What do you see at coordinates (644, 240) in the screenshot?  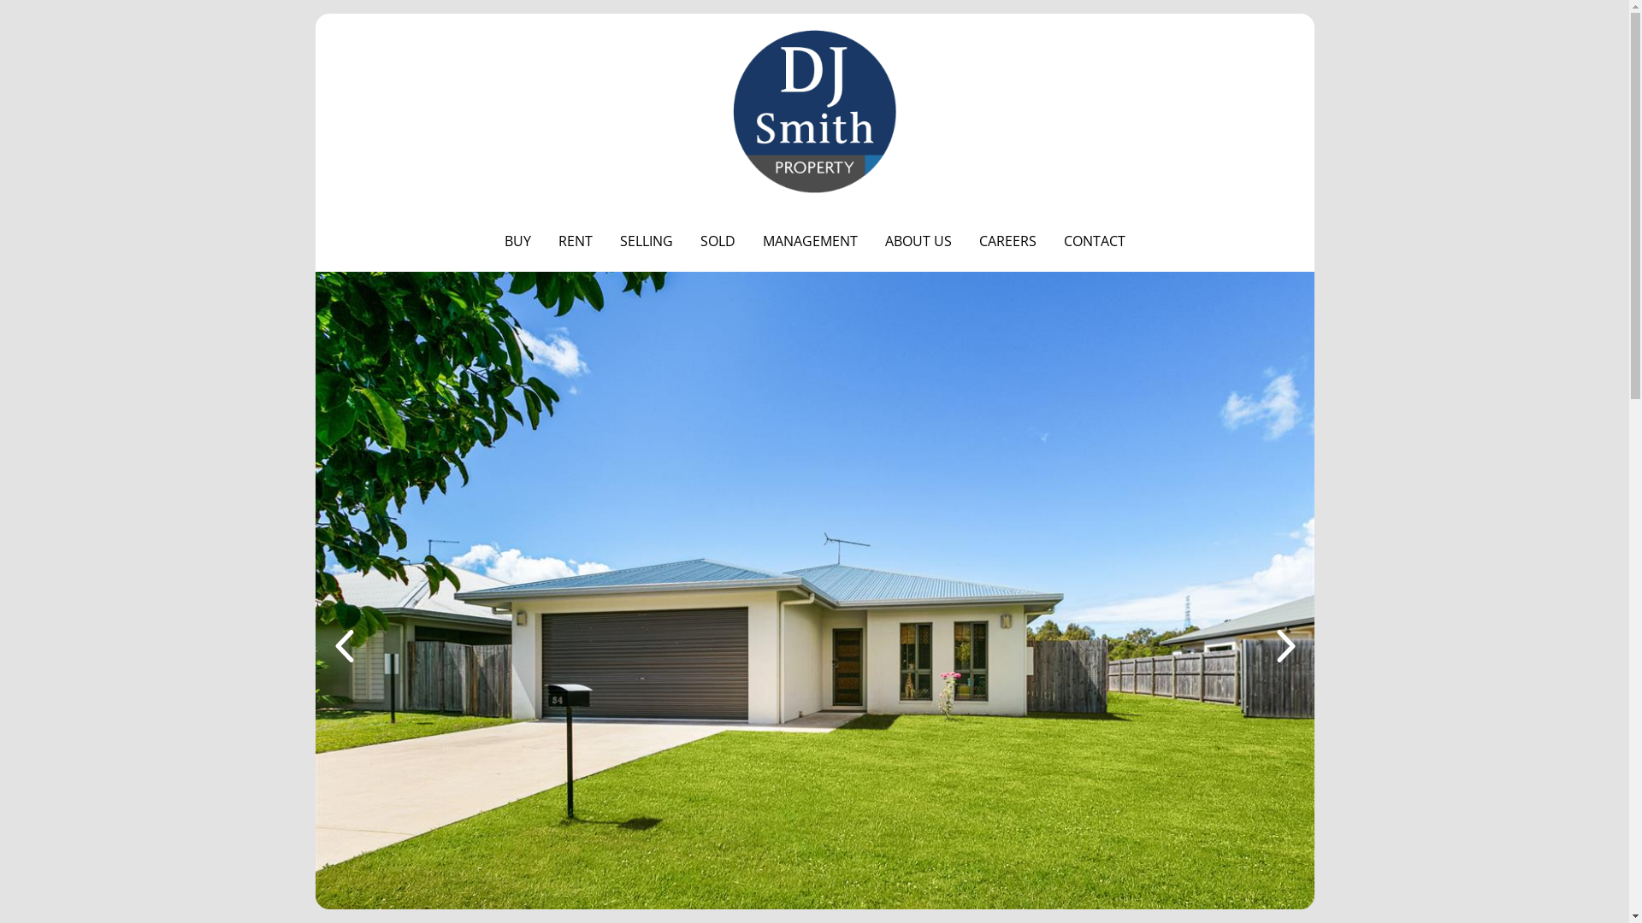 I see `'SELLING'` at bounding box center [644, 240].